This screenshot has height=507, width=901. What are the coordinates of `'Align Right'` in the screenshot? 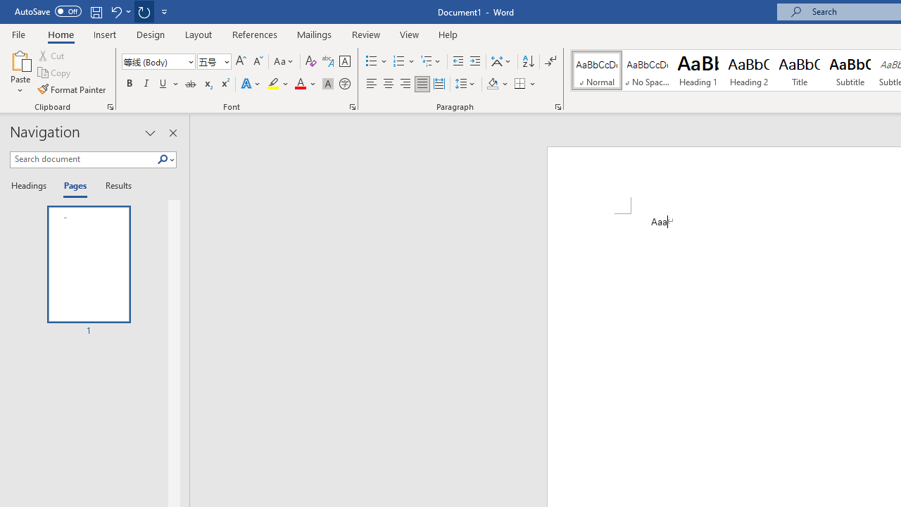 It's located at (405, 84).